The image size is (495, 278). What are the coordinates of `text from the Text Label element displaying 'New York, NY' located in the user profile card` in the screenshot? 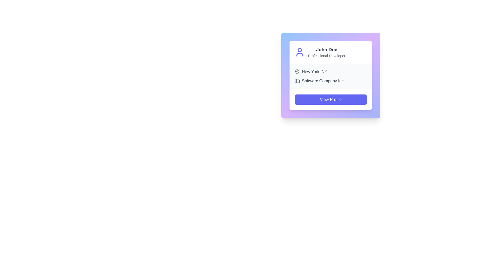 It's located at (314, 72).